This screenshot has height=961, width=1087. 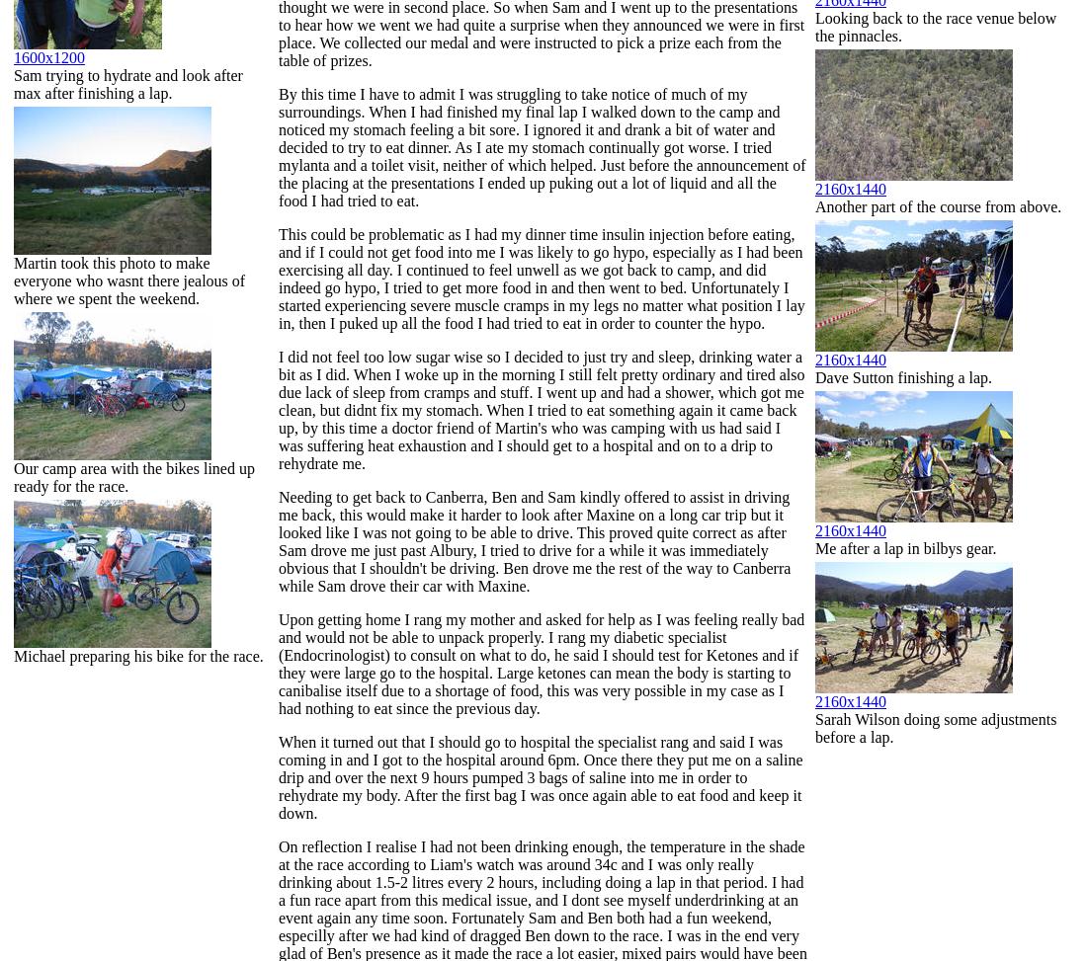 I want to click on 'Our camp area with the bikes lined up ready for the race.', so click(x=133, y=477).